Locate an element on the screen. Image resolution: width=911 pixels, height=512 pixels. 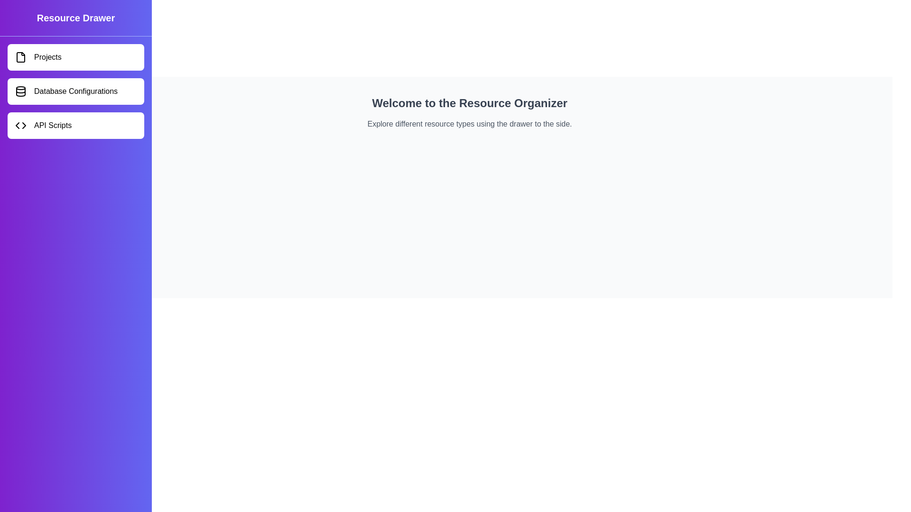
the text 'Welcome to the Resource Organizer' in the main content area is located at coordinates (469, 103).